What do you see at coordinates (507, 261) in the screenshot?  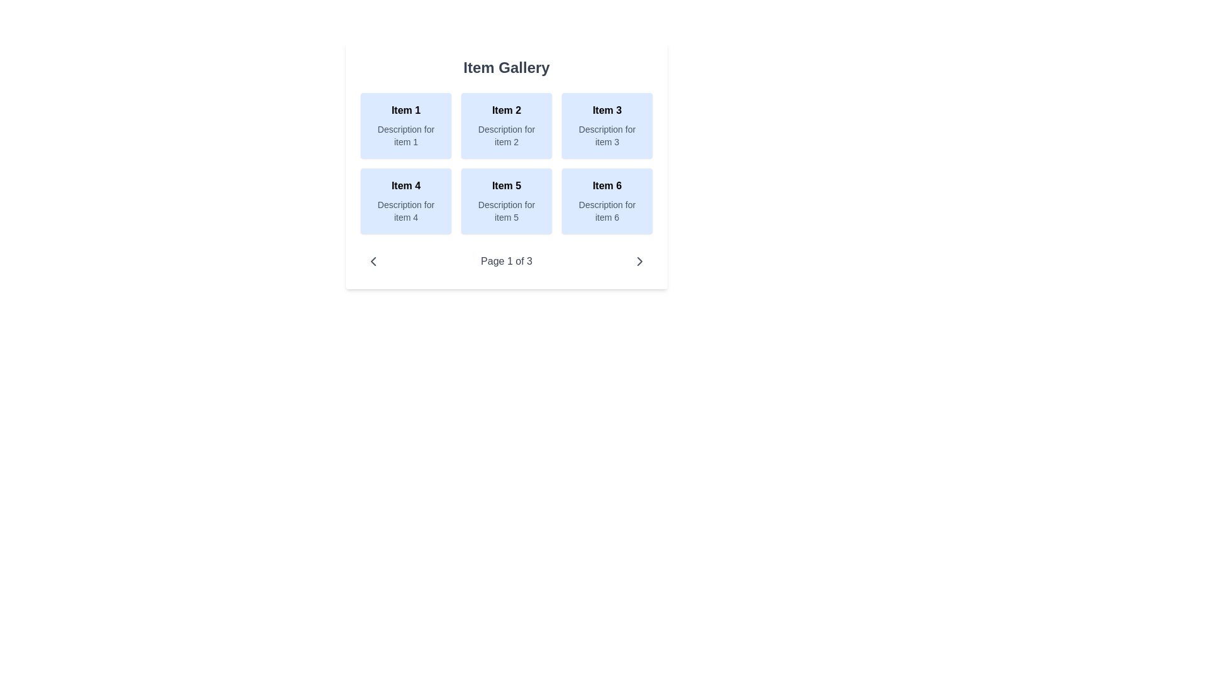 I see `the Text Label indicating the current page number in the paginated view, located centrally below the grid of items labeled 'Item 1' to 'Item 6'` at bounding box center [507, 261].